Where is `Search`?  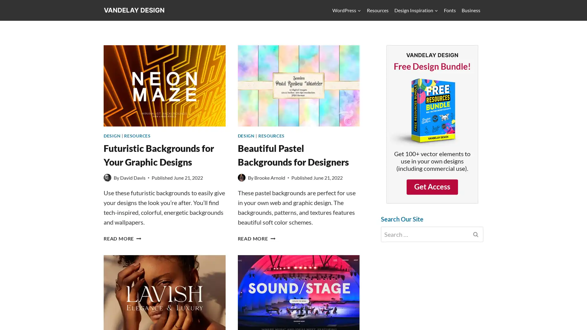
Search is located at coordinates (475, 234).